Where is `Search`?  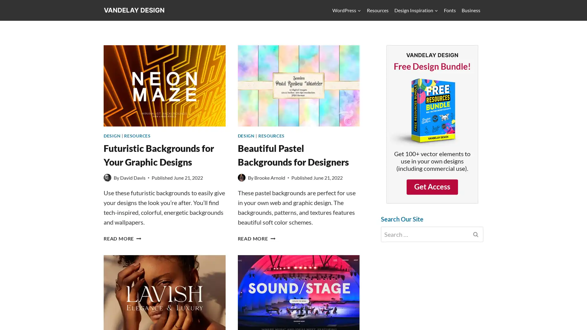
Search is located at coordinates (475, 234).